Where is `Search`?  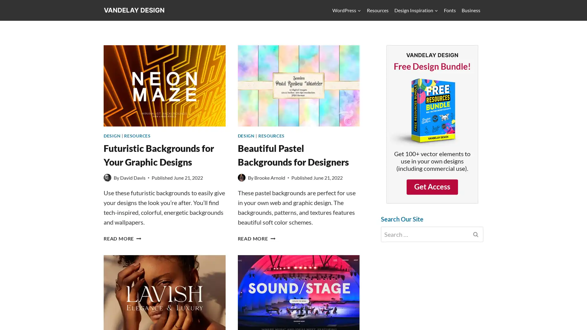
Search is located at coordinates (475, 234).